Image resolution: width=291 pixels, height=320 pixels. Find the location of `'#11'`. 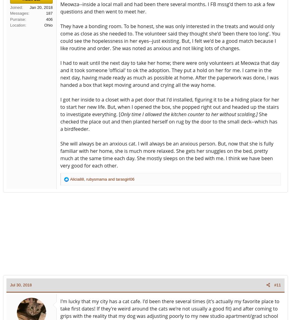

'#11' is located at coordinates (274, 285).